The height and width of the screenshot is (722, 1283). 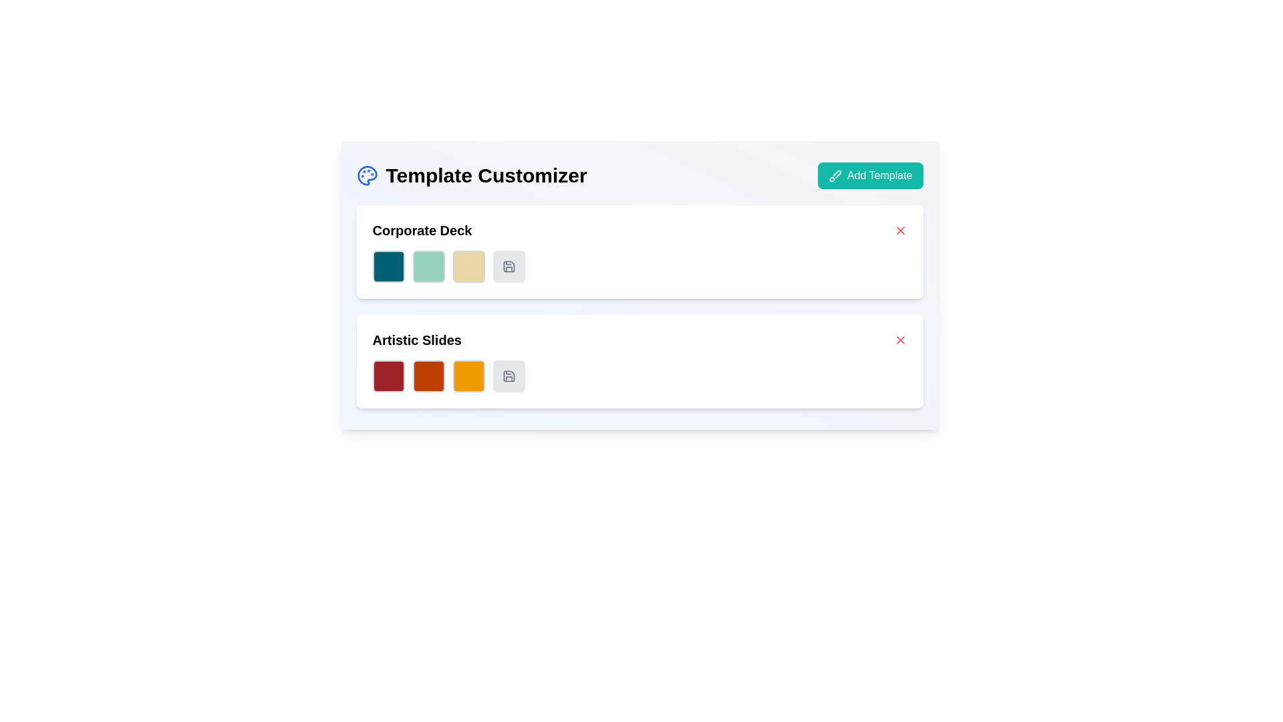 What do you see at coordinates (870, 174) in the screenshot?
I see `the rectangular button with a teal-green background and white text saying 'Add Template'` at bounding box center [870, 174].